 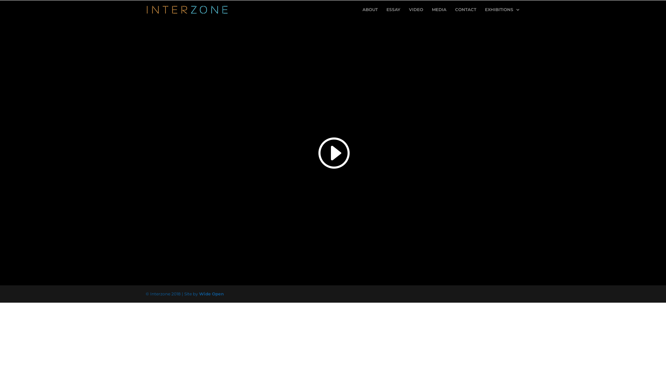 I want to click on 'VIDEO', so click(x=409, y=13).